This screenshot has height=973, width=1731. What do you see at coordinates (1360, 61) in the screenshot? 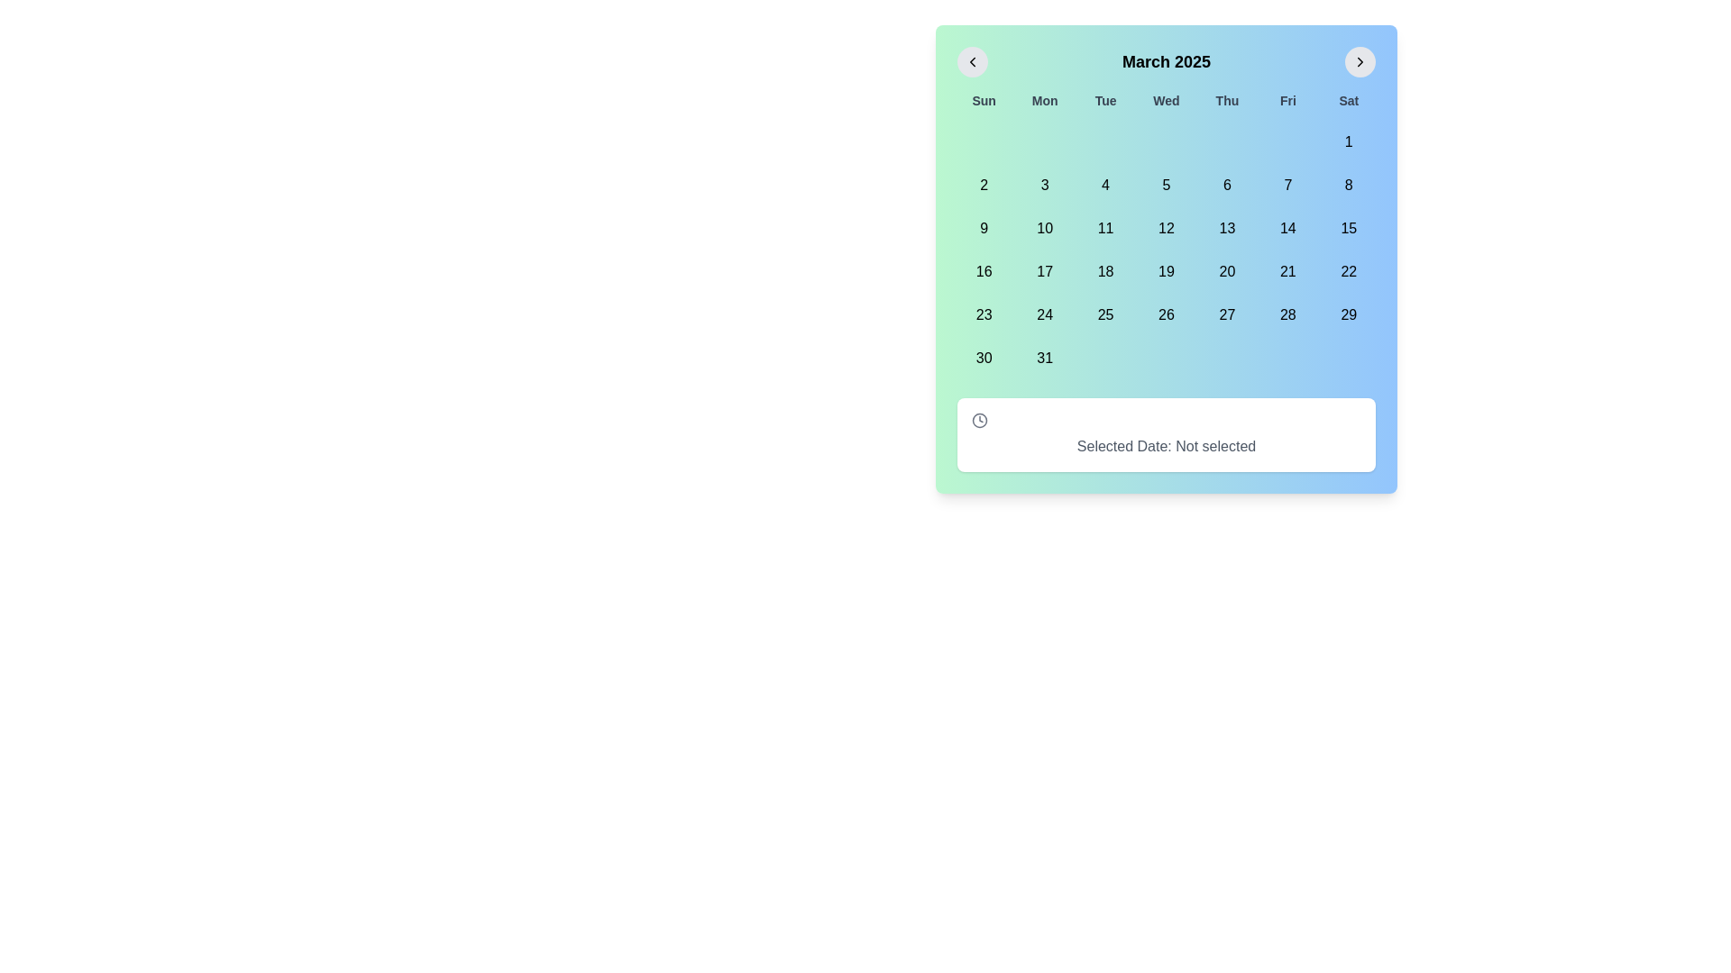
I see `the button located at the top-right corner of the calendar interface` at bounding box center [1360, 61].